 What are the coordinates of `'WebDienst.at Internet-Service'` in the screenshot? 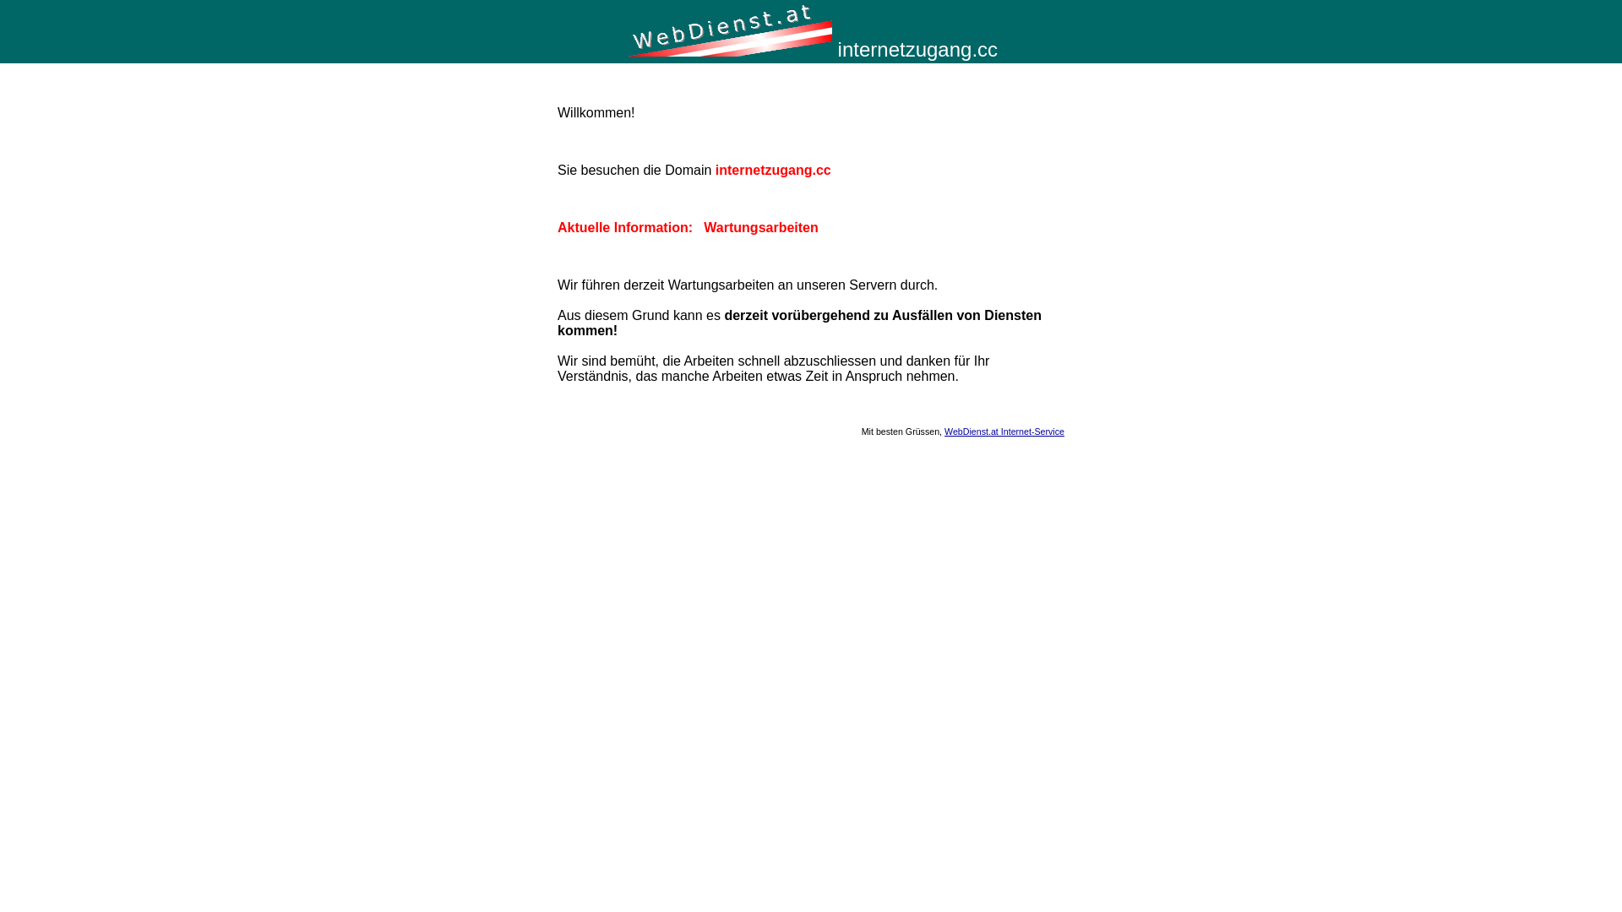 It's located at (1004, 430).